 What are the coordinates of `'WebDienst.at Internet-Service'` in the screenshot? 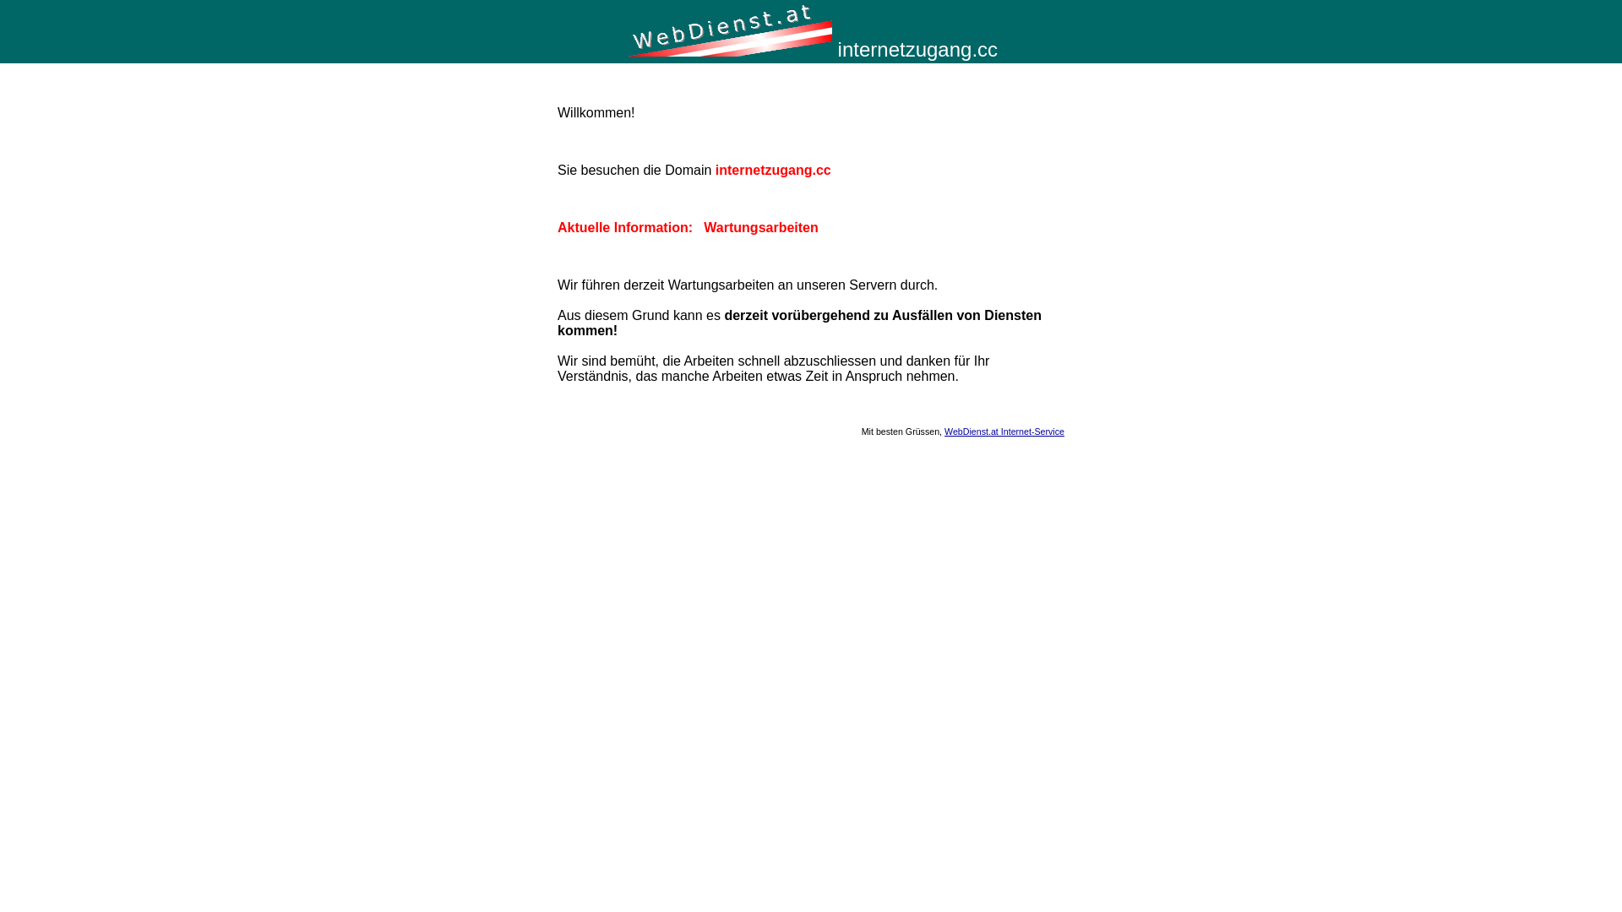 It's located at (1004, 430).